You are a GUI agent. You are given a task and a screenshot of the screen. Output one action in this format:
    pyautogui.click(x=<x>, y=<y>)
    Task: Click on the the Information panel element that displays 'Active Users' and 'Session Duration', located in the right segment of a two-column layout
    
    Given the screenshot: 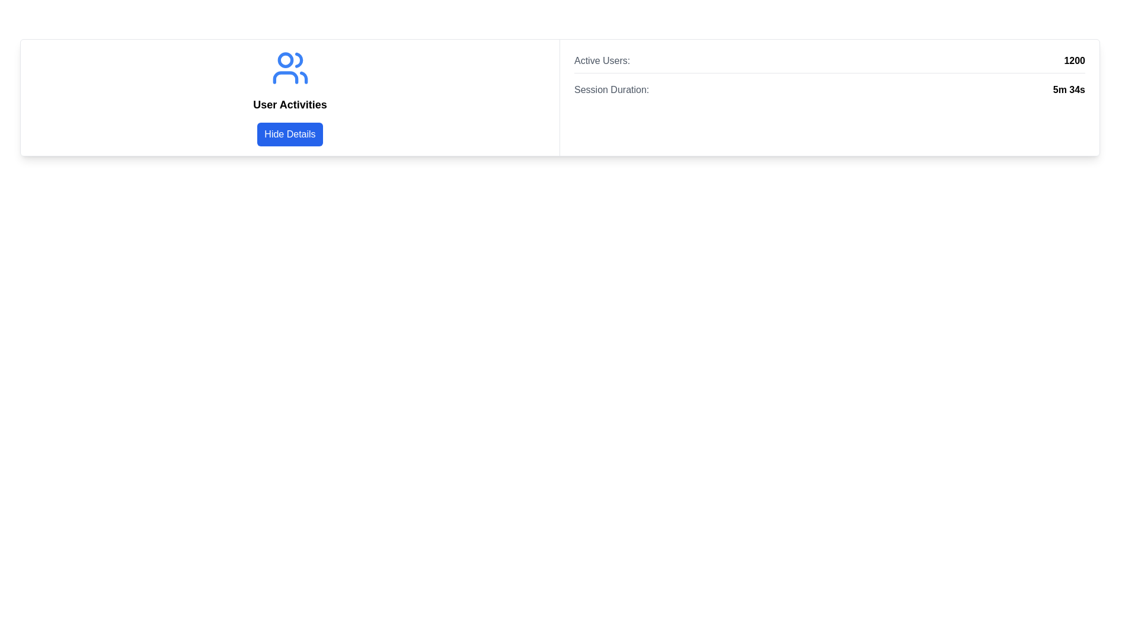 What is the action you would take?
    pyautogui.click(x=829, y=75)
    